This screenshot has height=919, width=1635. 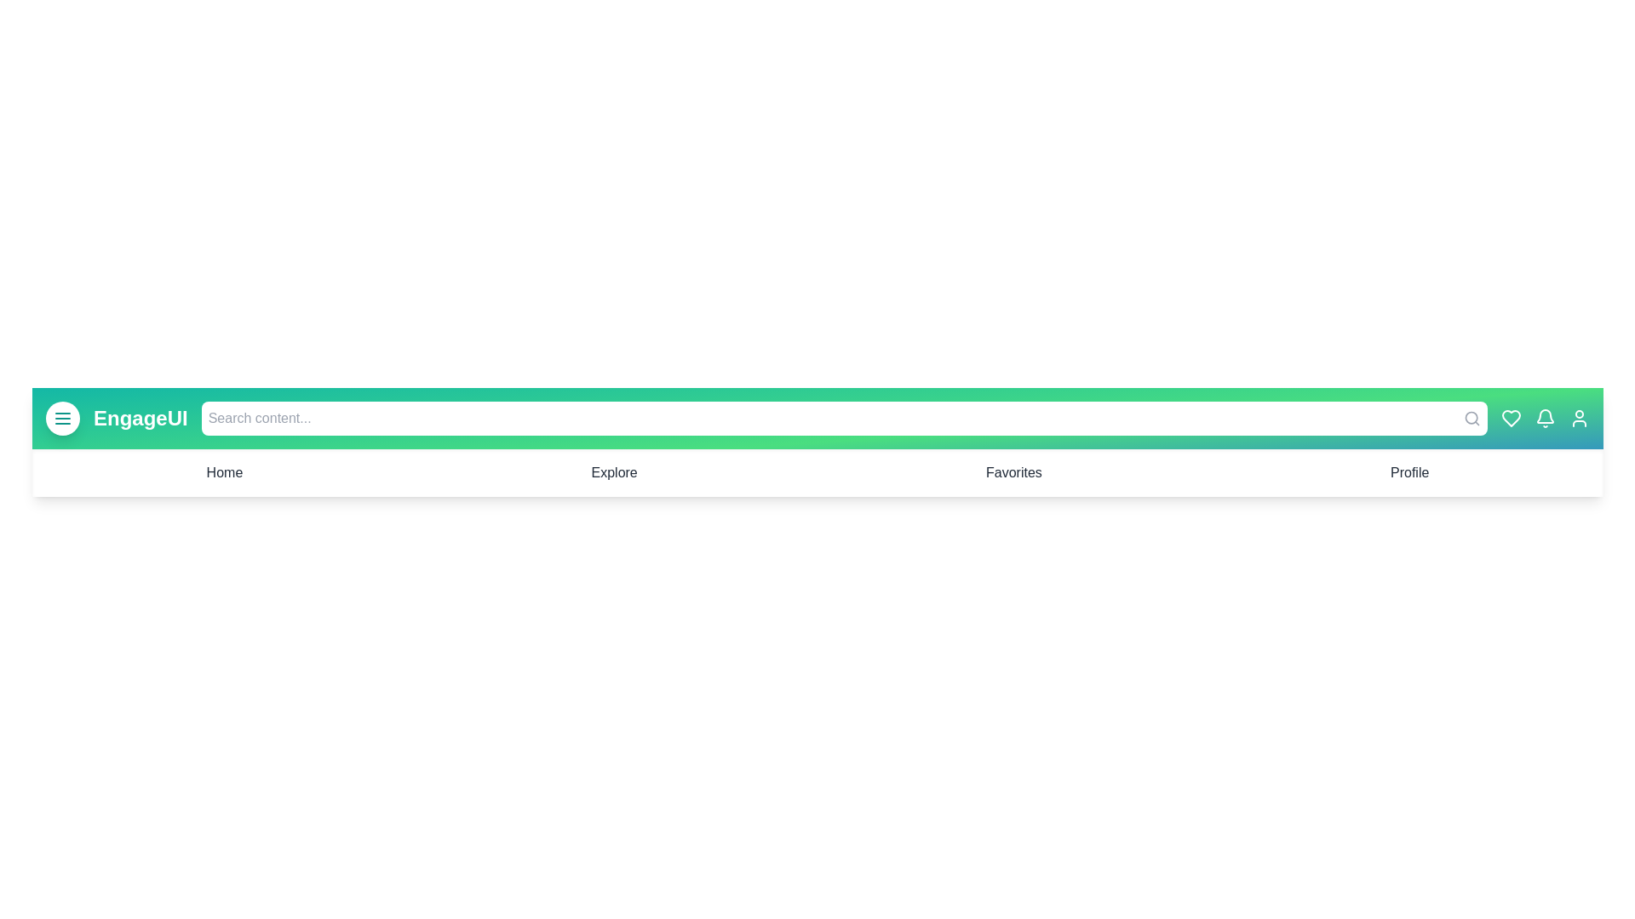 I want to click on the user icon located at the top-right corner of the app bar, so click(x=1578, y=419).